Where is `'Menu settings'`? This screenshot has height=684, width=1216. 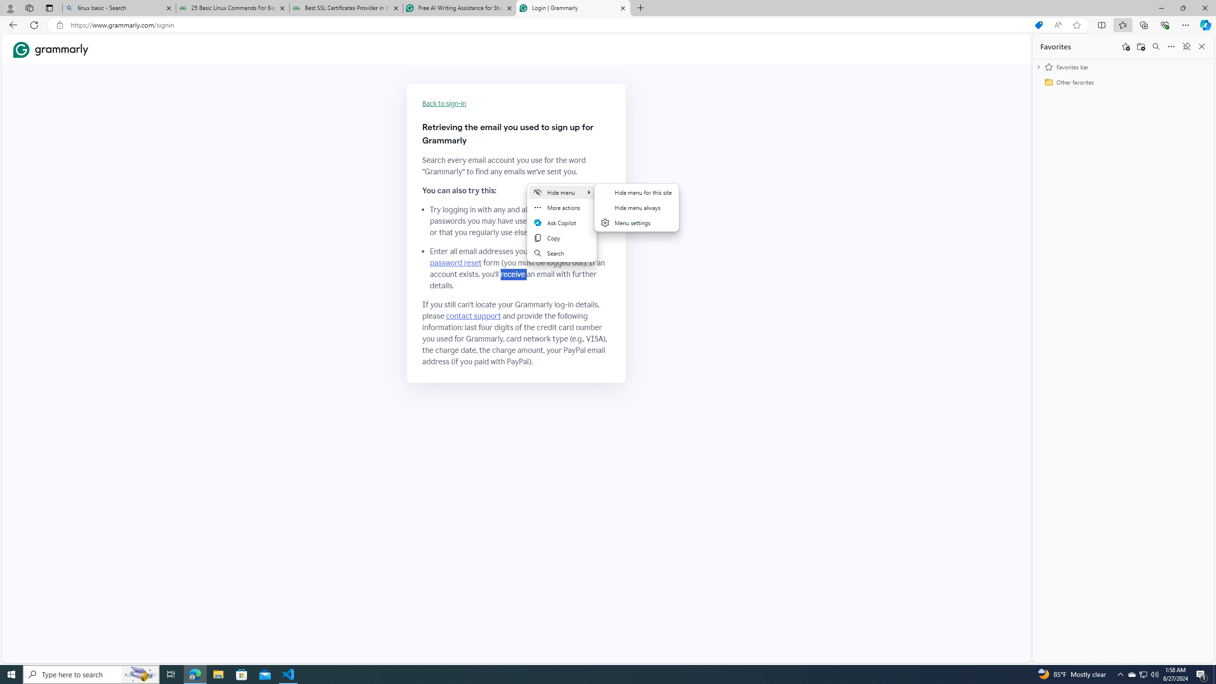
'Menu settings' is located at coordinates (636, 222).